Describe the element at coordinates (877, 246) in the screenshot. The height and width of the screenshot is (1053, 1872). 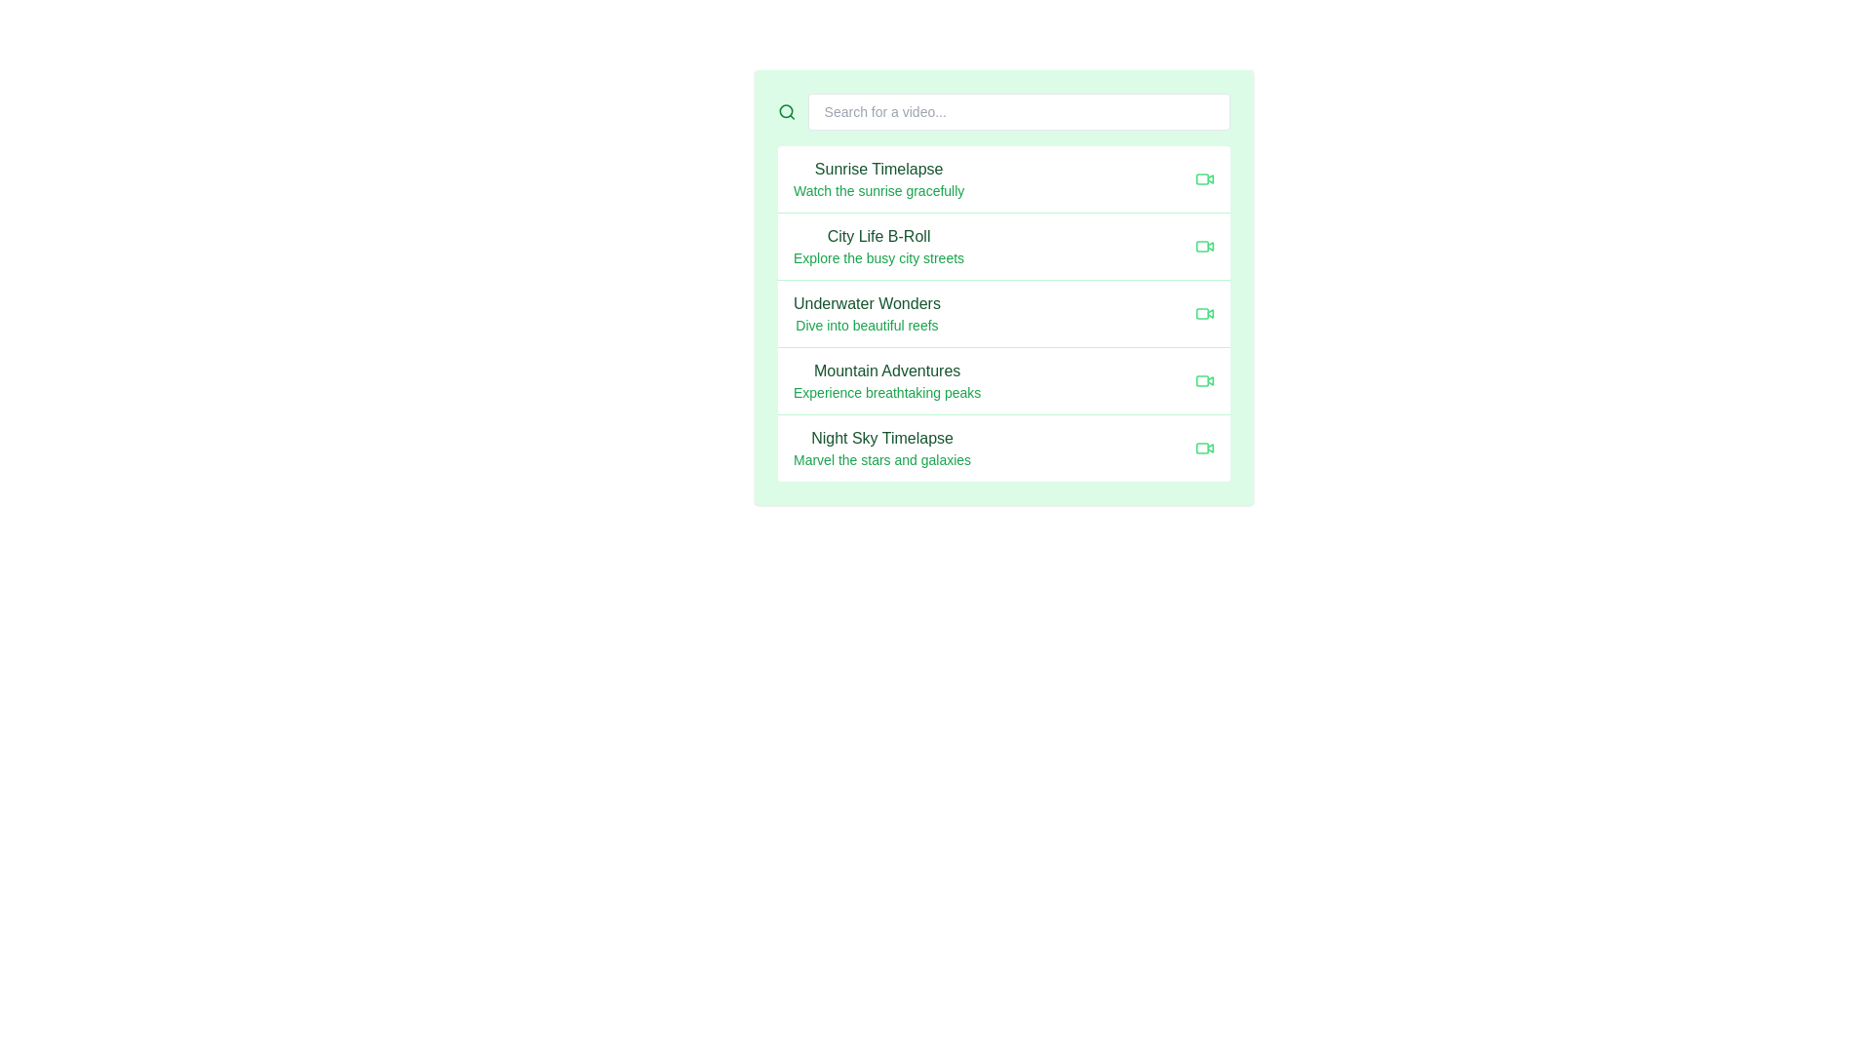
I see `the second list item in the vertical list, which represents the option` at that location.